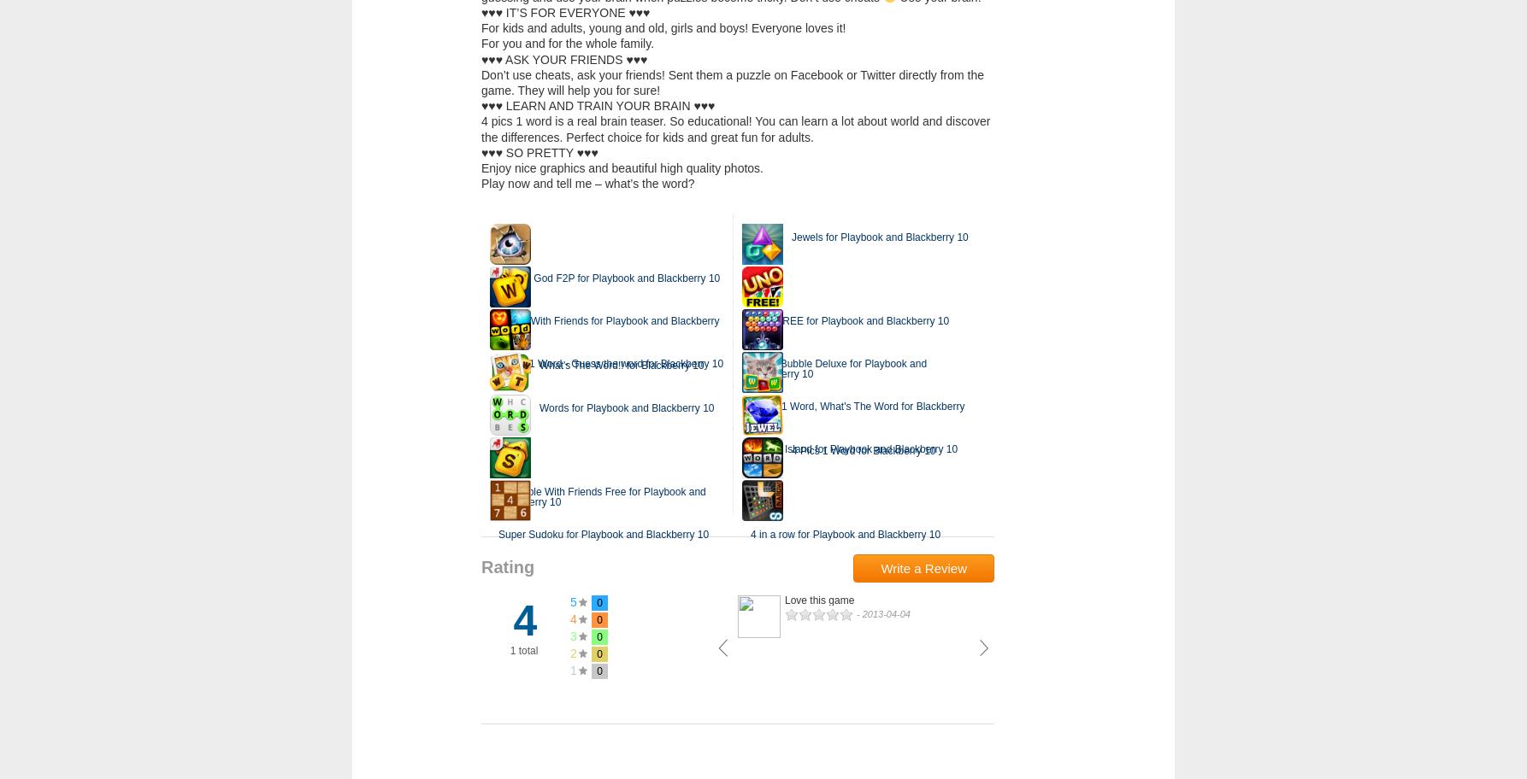 This screenshot has height=779, width=1527. What do you see at coordinates (609, 326) in the screenshot?
I see `'Words With Friends for Playbook and Blackberry 10'` at bounding box center [609, 326].